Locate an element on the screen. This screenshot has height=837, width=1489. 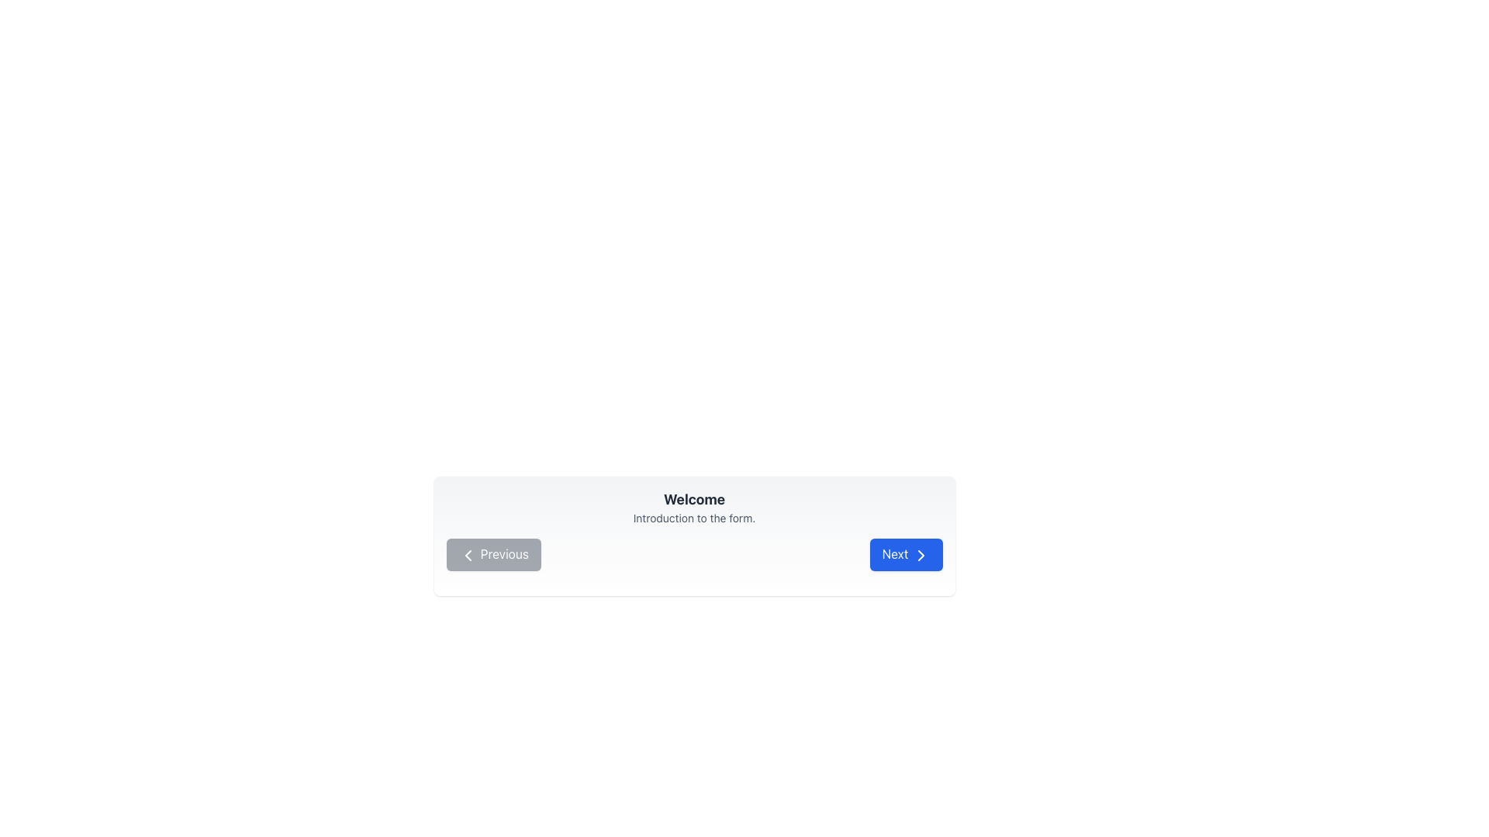
the 'Previous' button, which is a gray rectangular button with rounded corners and white text, located near the bottom center of the interface is located at coordinates (492, 553).